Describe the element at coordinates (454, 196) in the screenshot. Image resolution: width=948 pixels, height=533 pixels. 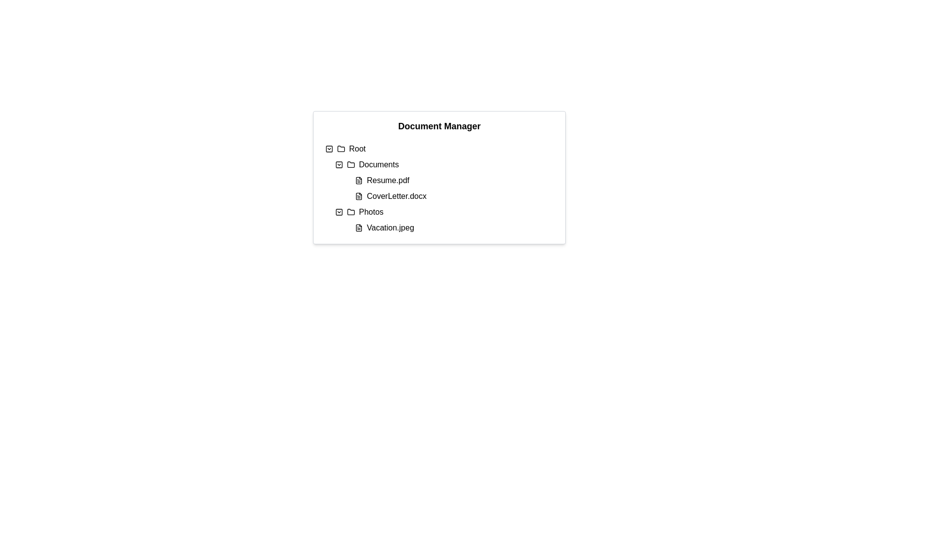
I see `the file list item labeled 'CoverLetter.docx' located in the 'Documents' folder of the 'Document Manager' interface` at that location.